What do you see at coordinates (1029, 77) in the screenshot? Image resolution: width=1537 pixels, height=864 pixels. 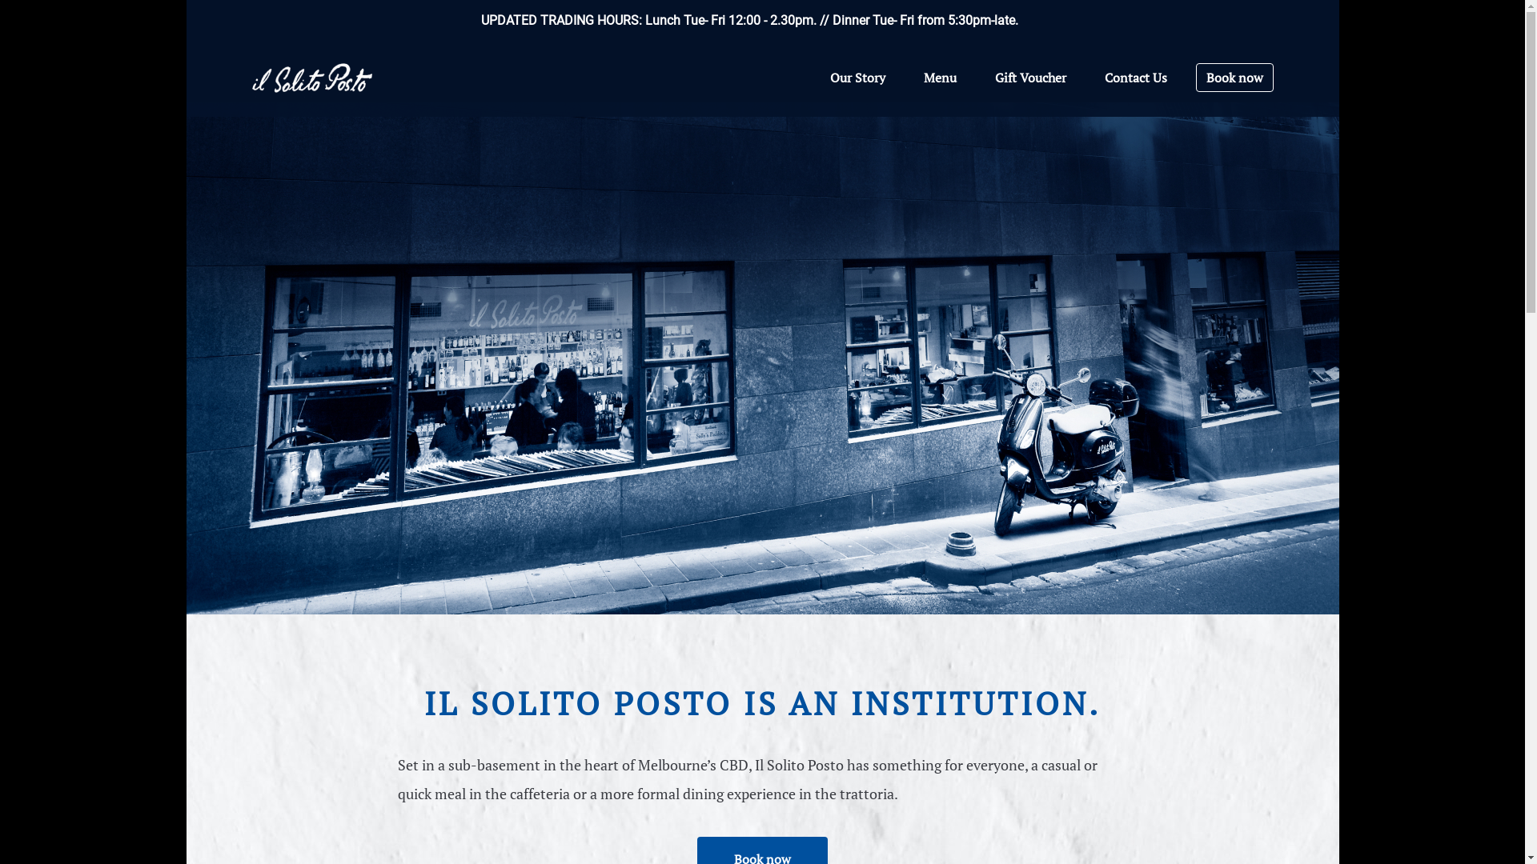 I see `'Gift Voucher'` at bounding box center [1029, 77].